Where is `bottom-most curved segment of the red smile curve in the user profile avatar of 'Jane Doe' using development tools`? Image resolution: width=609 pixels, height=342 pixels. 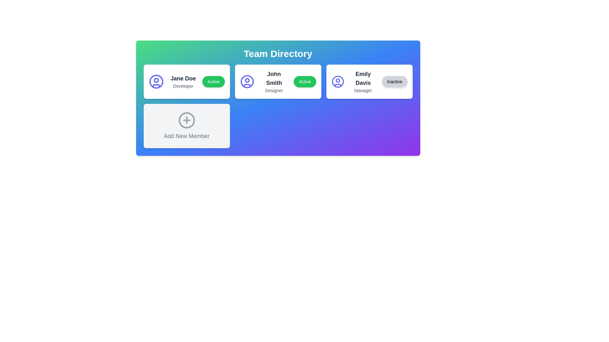
bottom-most curved segment of the red smile curve in the user profile avatar of 'Jane Doe' using development tools is located at coordinates (156, 86).